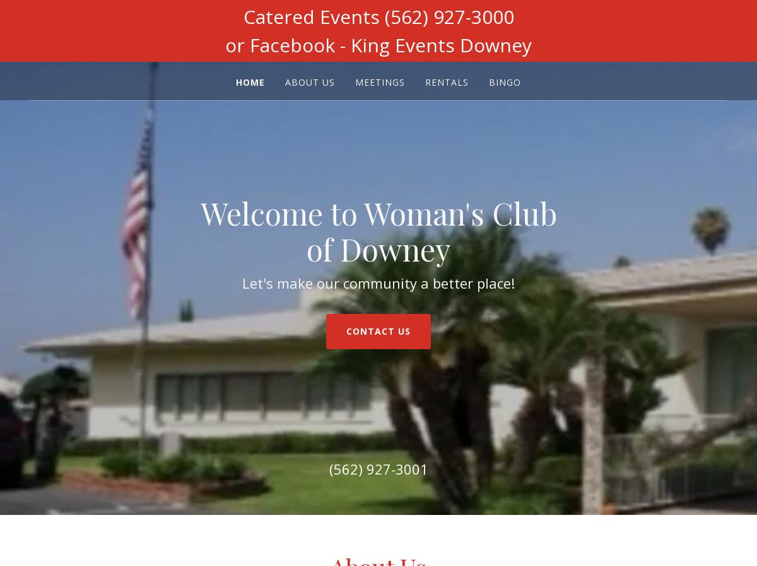 Image resolution: width=757 pixels, height=566 pixels. What do you see at coordinates (328, 468) in the screenshot?
I see `'(562) 927-3001'` at bounding box center [328, 468].